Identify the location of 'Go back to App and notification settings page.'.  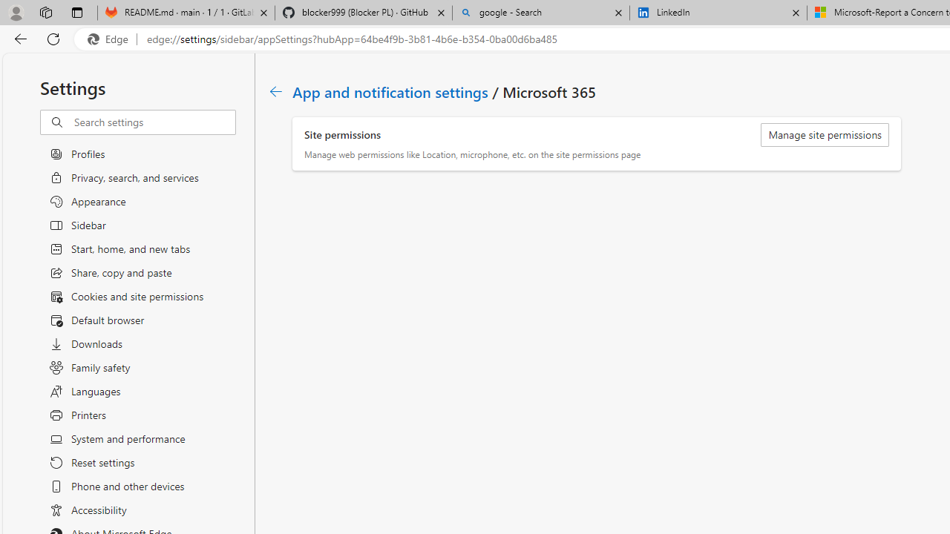
(276, 91).